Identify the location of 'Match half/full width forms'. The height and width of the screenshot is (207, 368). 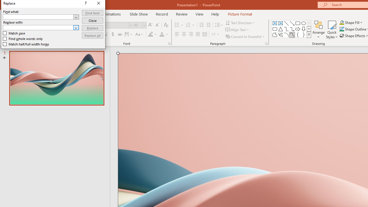
(26, 44).